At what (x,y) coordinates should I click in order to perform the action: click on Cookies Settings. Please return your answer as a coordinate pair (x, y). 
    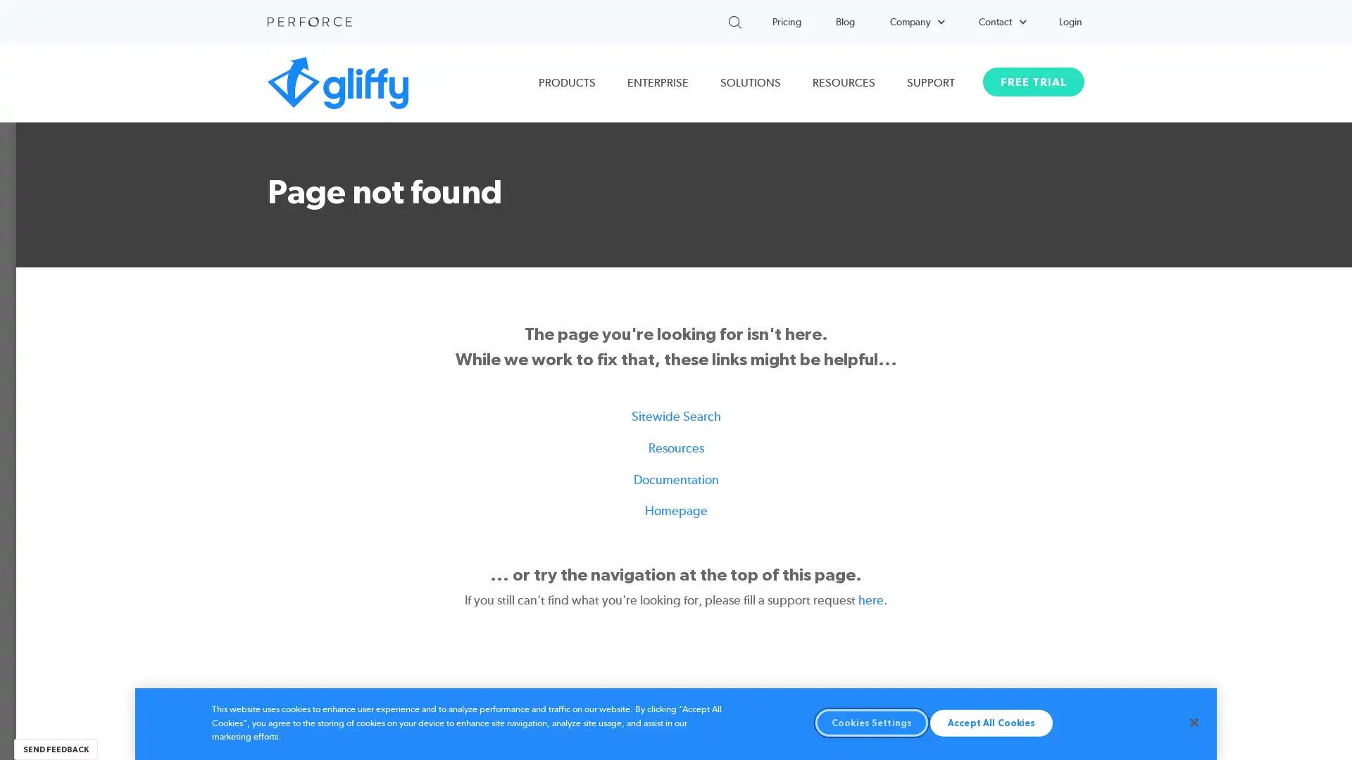
    Looking at the image, I should click on (871, 722).